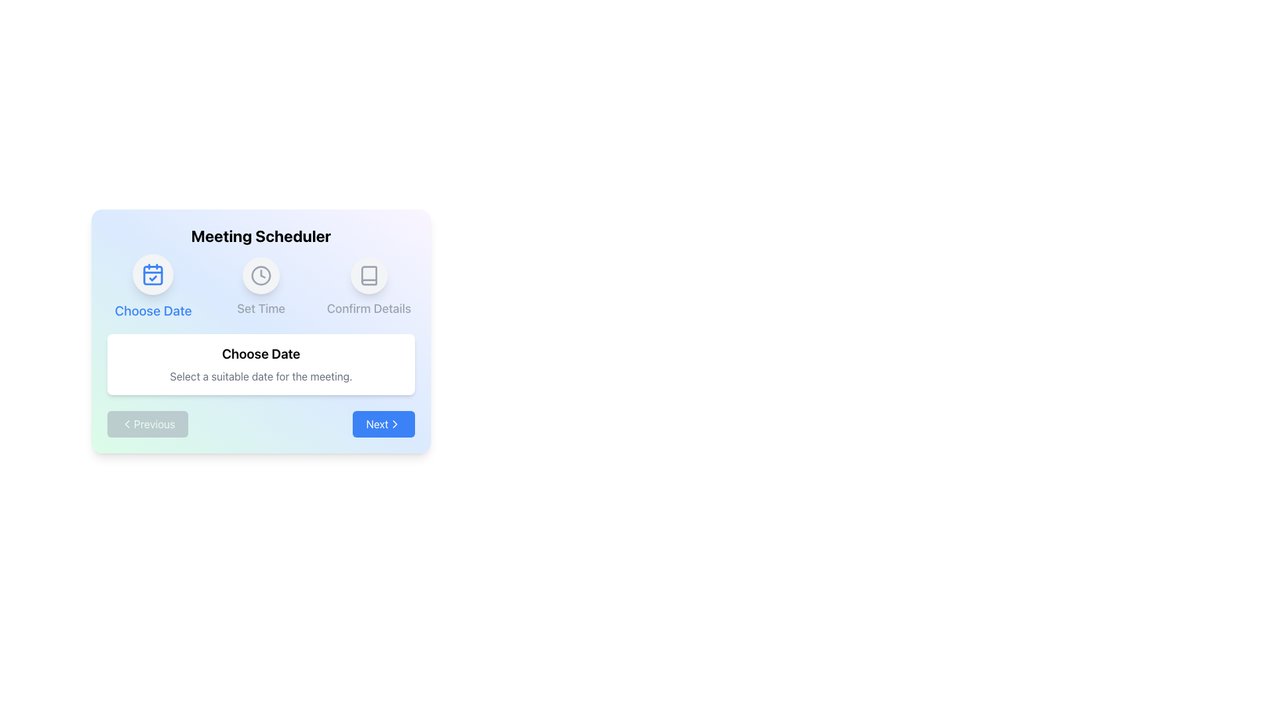 This screenshot has width=1273, height=716. Describe the element at coordinates (261, 309) in the screenshot. I see `'Set Time' label, which is the second item in a row of three options under the clock icon in the card interface` at that location.